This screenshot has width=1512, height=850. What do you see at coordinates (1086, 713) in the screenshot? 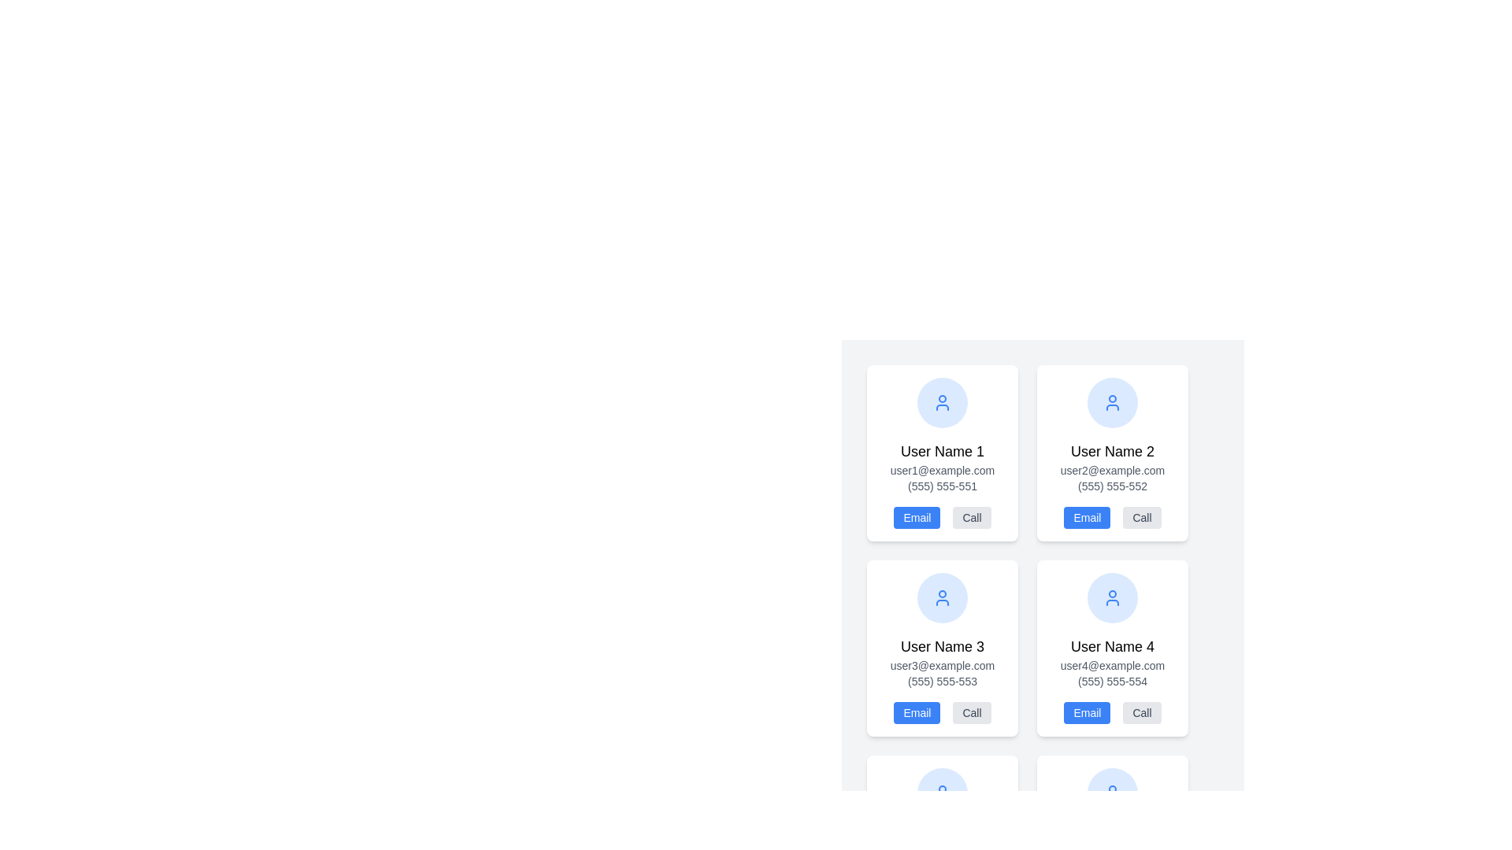
I see `the first button in the user card for 'User Name 4'` at bounding box center [1086, 713].